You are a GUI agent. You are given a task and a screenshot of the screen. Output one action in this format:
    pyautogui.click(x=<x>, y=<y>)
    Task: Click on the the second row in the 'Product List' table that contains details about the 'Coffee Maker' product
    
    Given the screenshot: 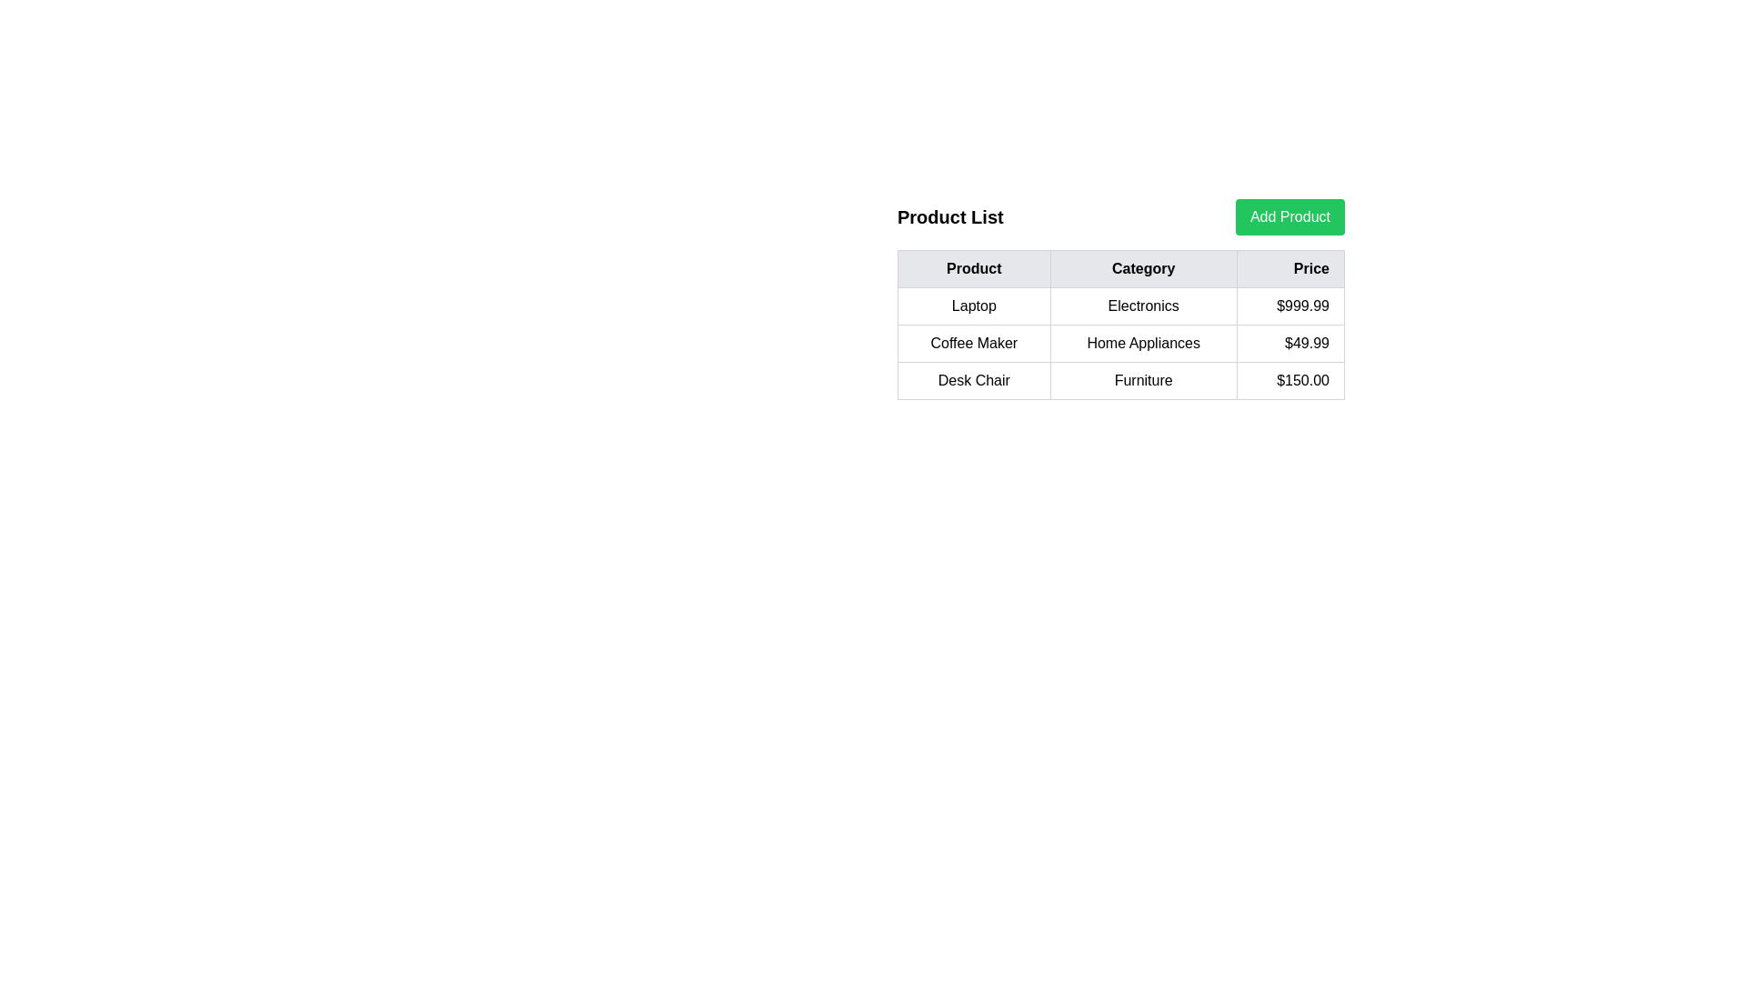 What is the action you would take?
    pyautogui.click(x=1120, y=344)
    